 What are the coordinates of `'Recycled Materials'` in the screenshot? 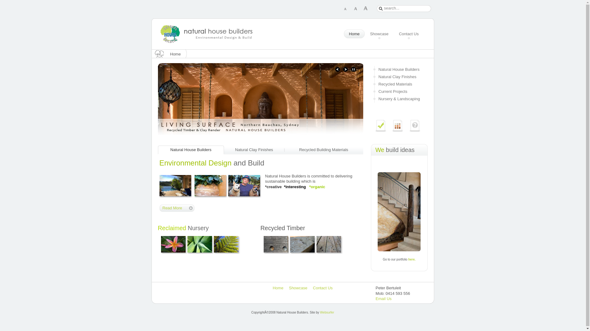 It's located at (399, 84).